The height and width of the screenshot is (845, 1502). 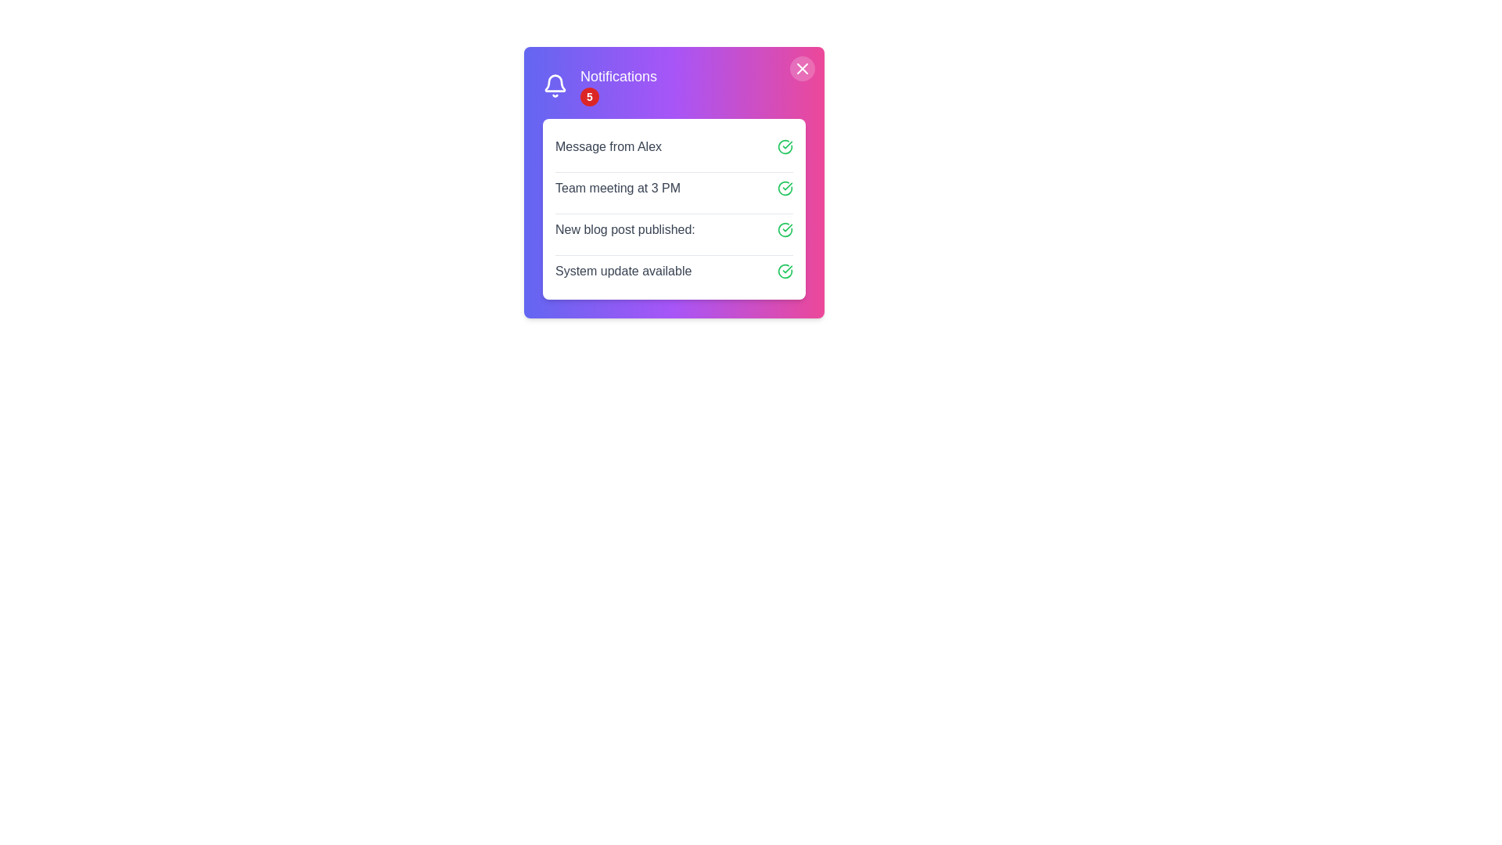 What do you see at coordinates (785, 271) in the screenshot?
I see `the status representation of the circular green icon with a white checkmark, located on the far-right side of the 'System update available' notification row` at bounding box center [785, 271].